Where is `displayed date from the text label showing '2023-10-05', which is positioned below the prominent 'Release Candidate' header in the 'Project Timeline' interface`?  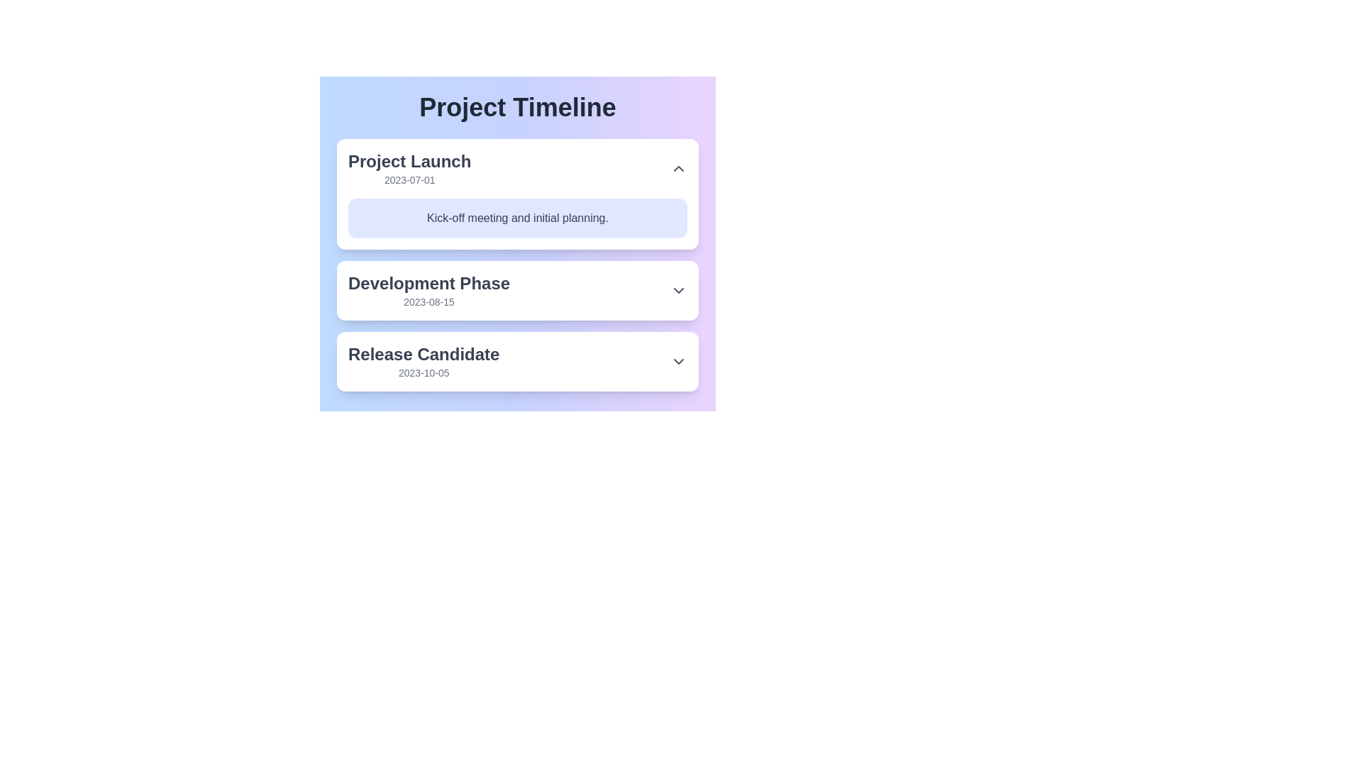
displayed date from the text label showing '2023-10-05', which is positioned below the prominent 'Release Candidate' header in the 'Project Timeline' interface is located at coordinates (423, 372).